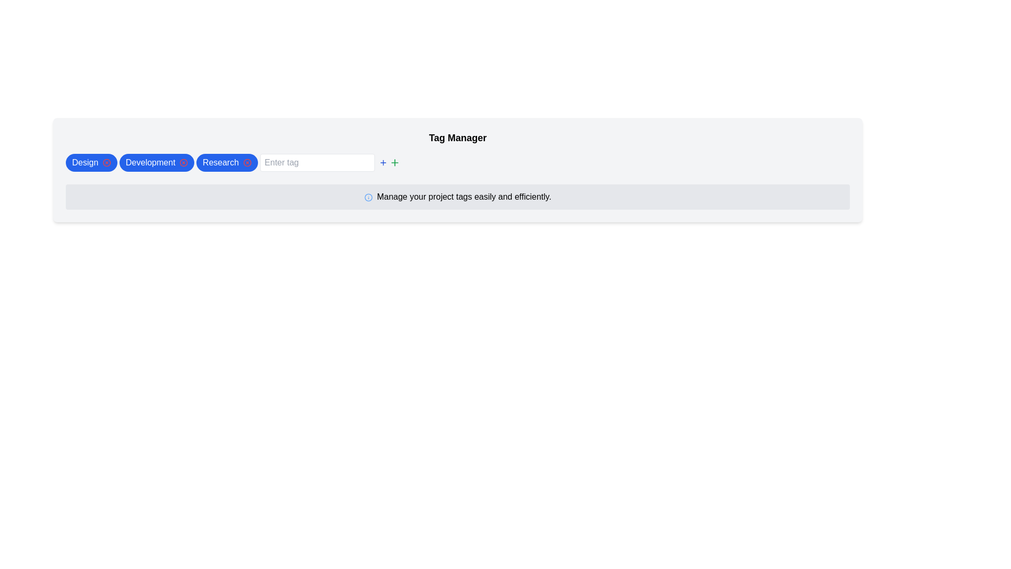 The image size is (1011, 569). I want to click on the plus icon located to the far right of the 'Enter tag' input field, so click(394, 162).